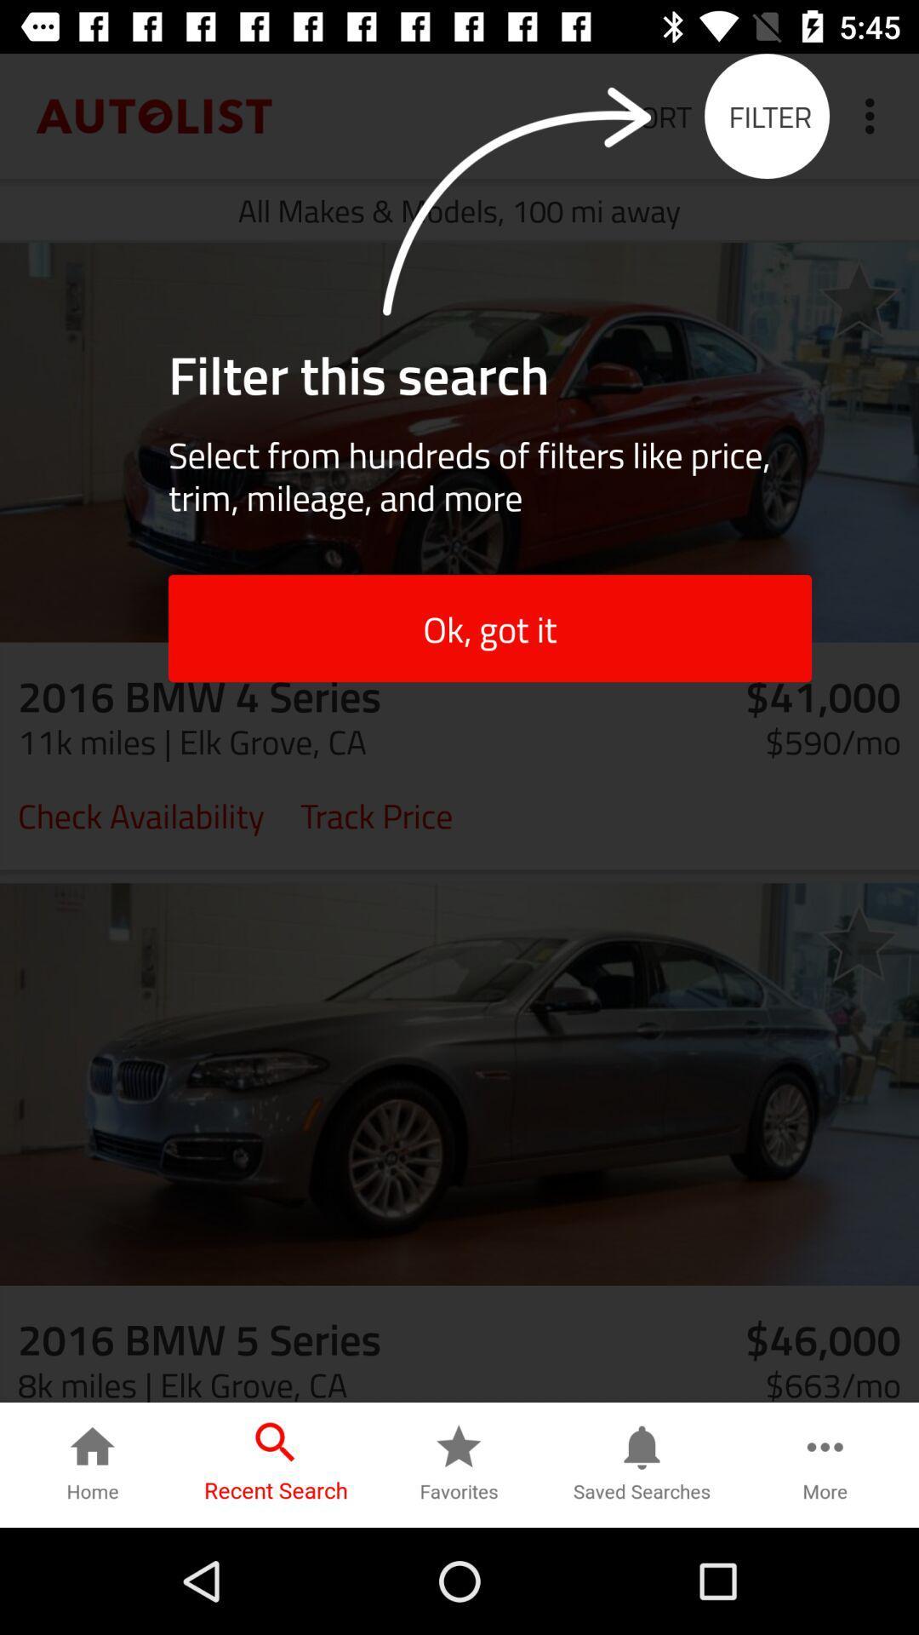  Describe the element at coordinates (375, 813) in the screenshot. I see `the icon next to the check availability` at that location.